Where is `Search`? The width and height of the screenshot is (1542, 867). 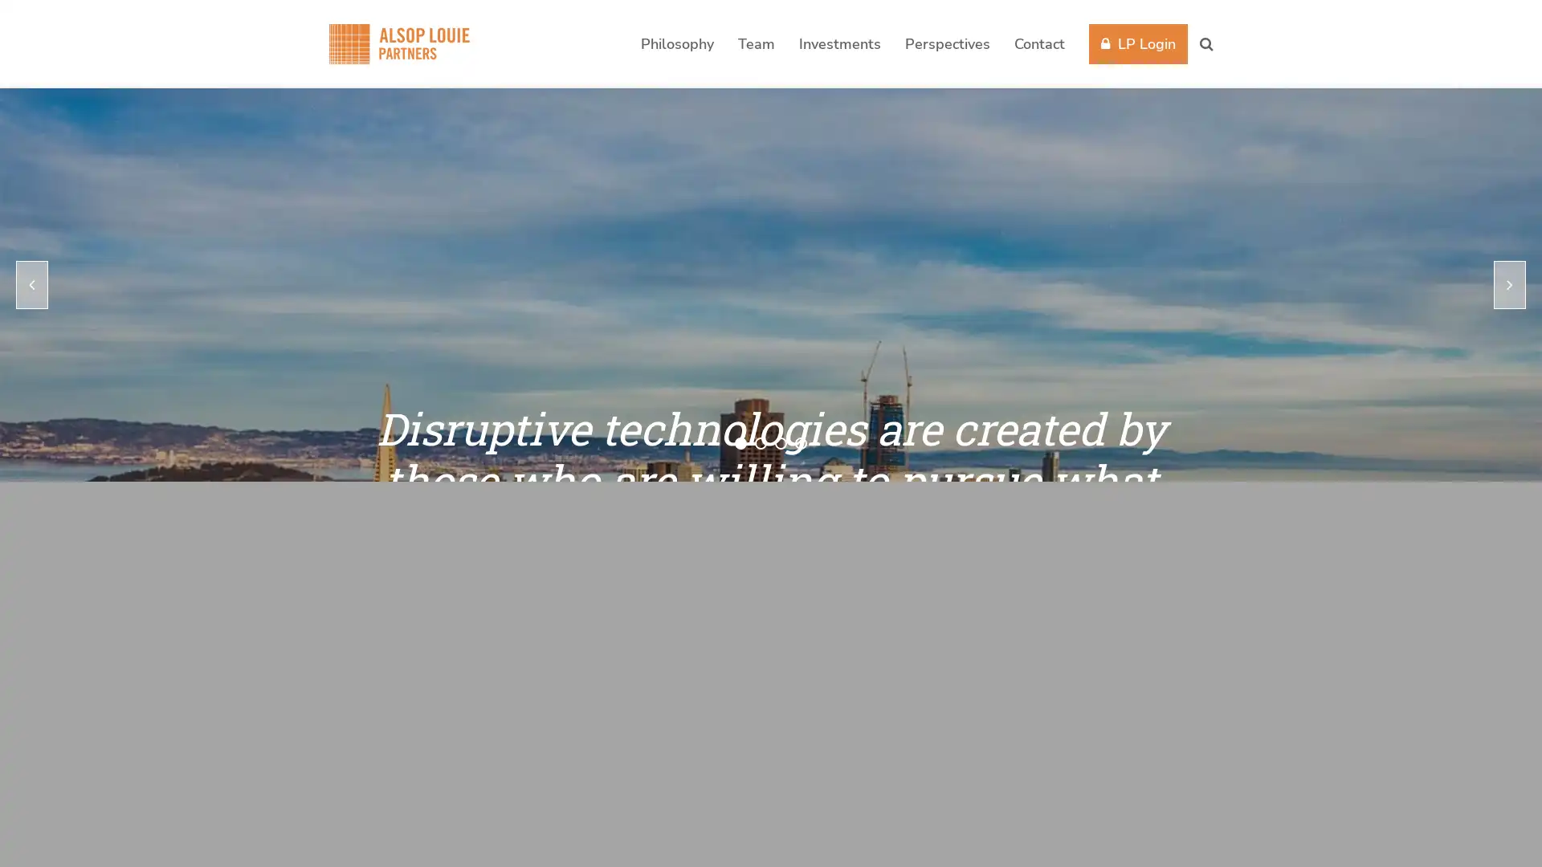
Search is located at coordinates (1206, 43).